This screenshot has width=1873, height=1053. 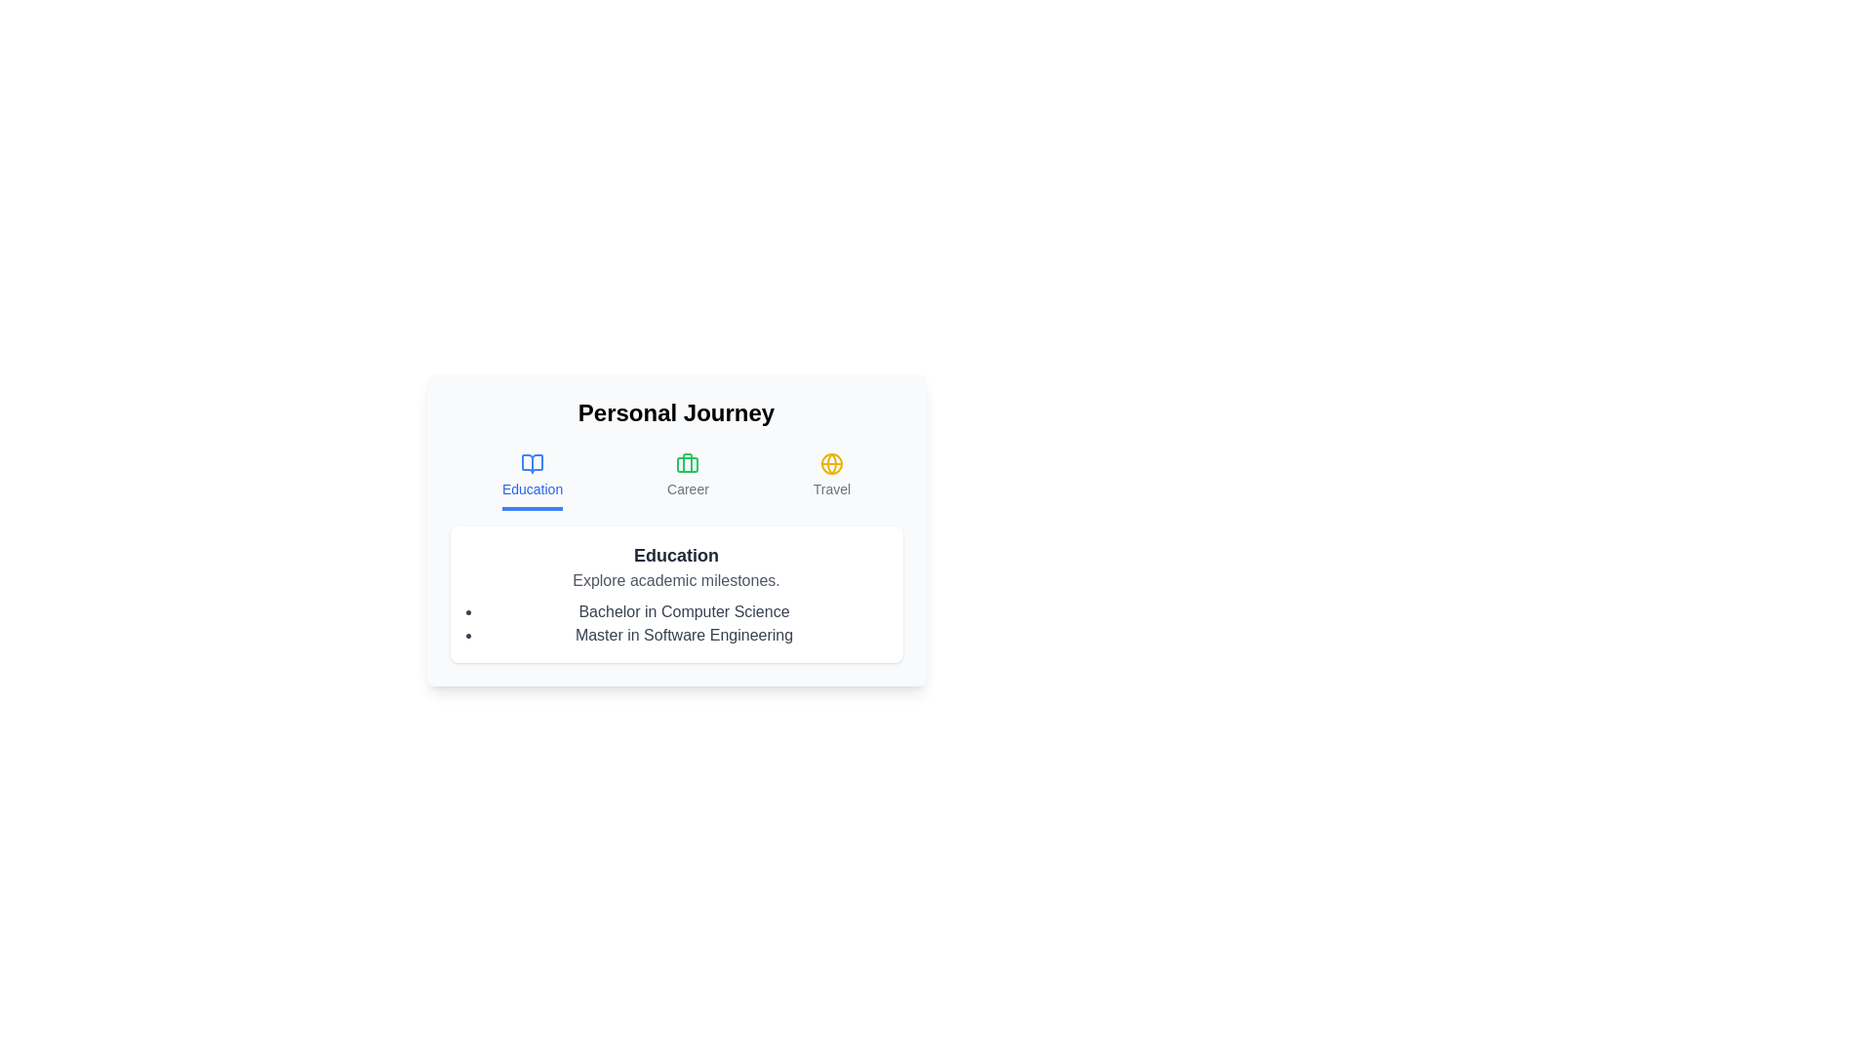 What do you see at coordinates (831, 463) in the screenshot?
I see `the main circular shape of the globe icon, which is a graphical component representing the globe's spherical shape` at bounding box center [831, 463].